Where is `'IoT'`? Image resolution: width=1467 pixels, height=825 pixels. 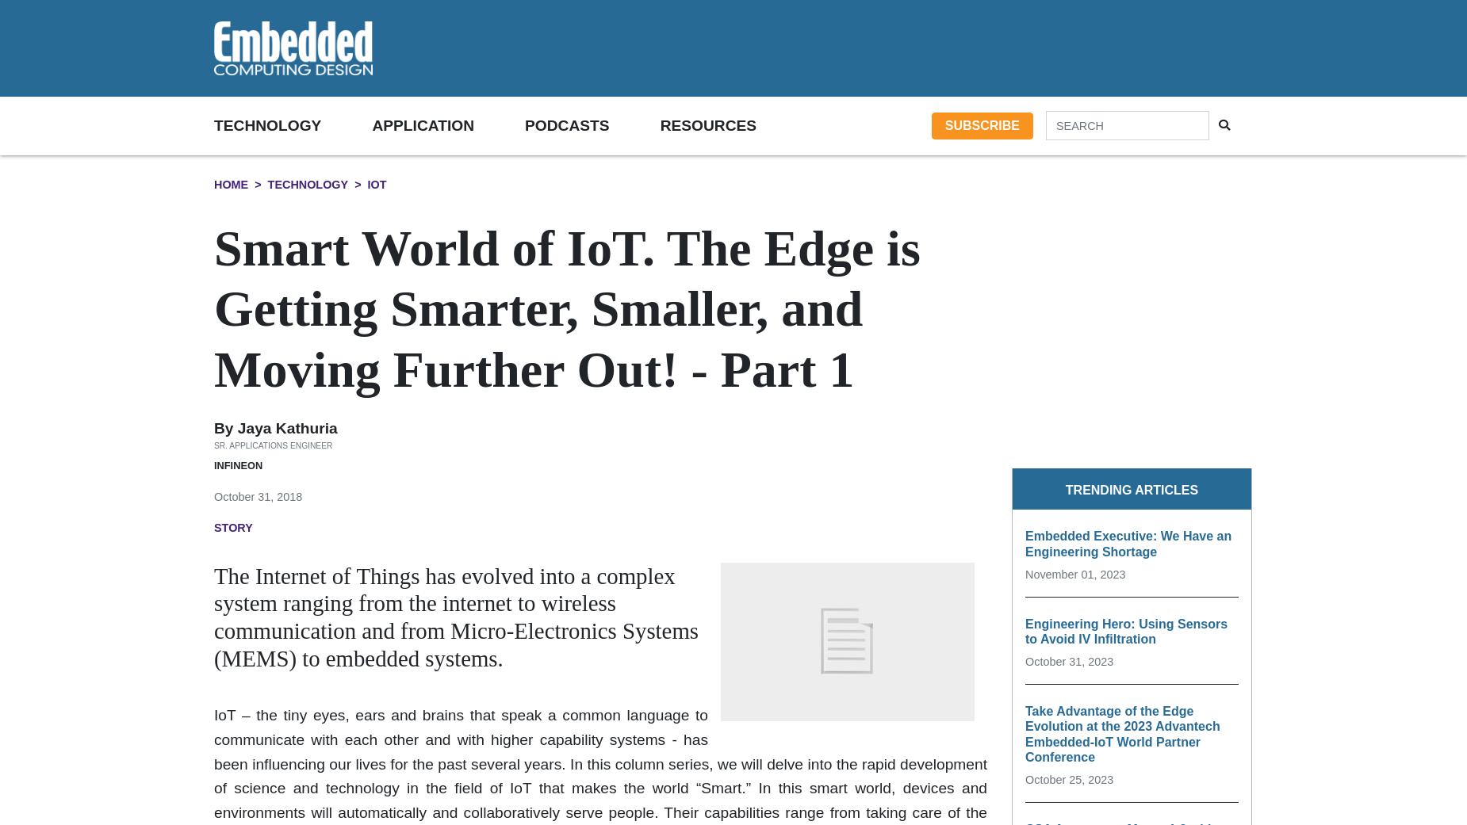
'IoT' is located at coordinates (377, 183).